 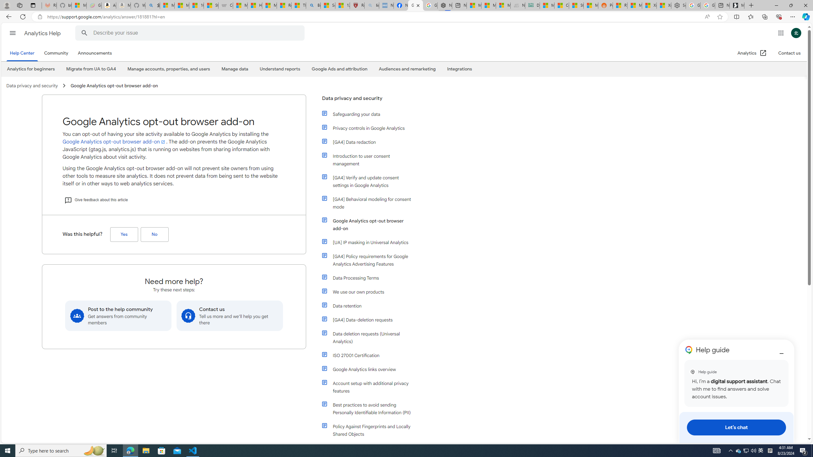 What do you see at coordinates (367, 114) in the screenshot?
I see `'Safeguarding your data'` at bounding box center [367, 114].